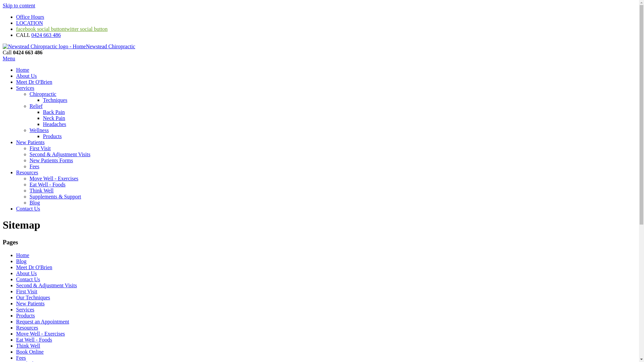 Image resolution: width=644 pixels, height=362 pixels. I want to click on 'Products', so click(25, 315).